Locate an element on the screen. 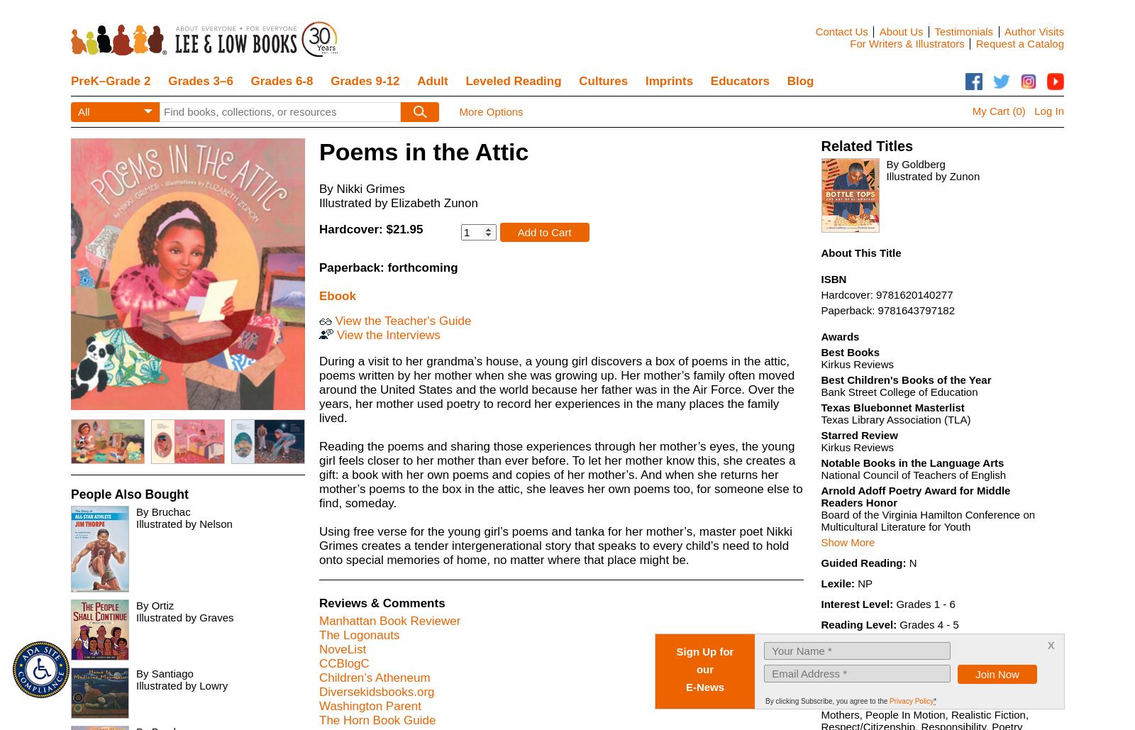 The height and width of the screenshot is (730, 1135). 'Adult' is located at coordinates (432, 80).